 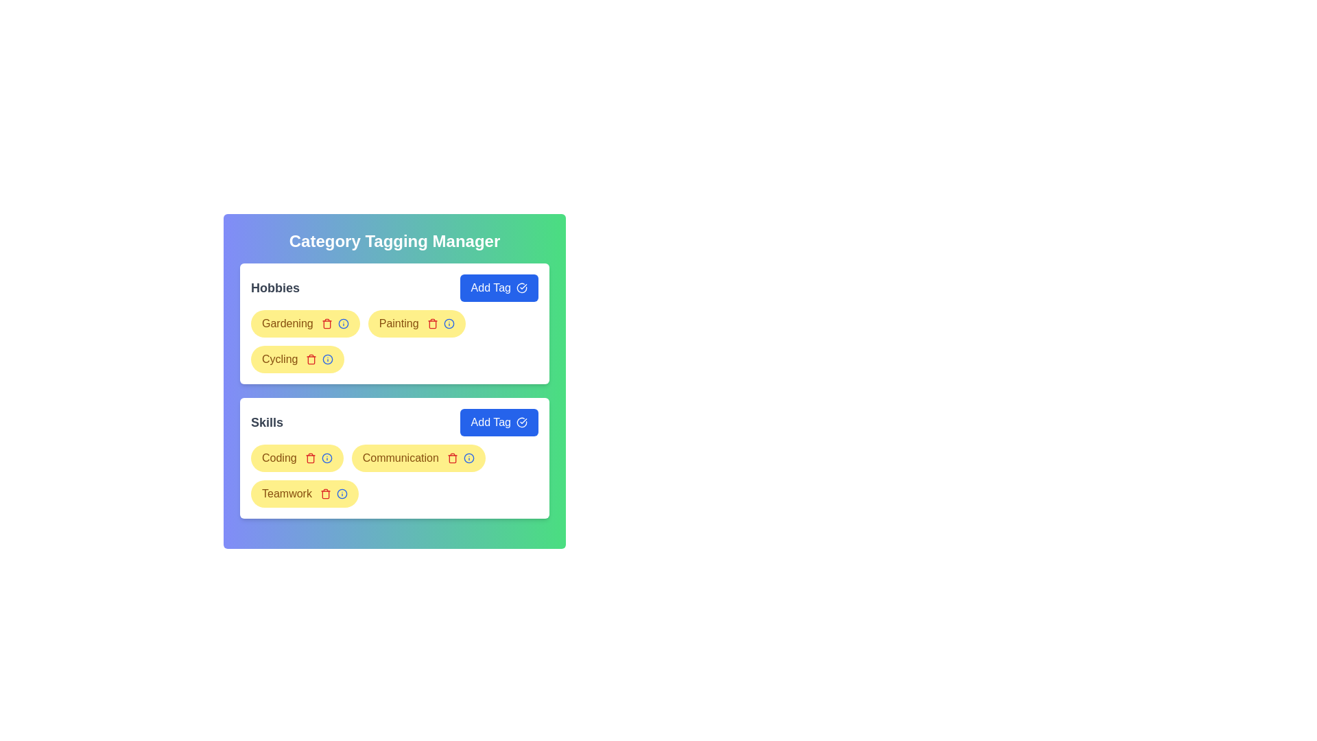 What do you see at coordinates (449, 323) in the screenshot?
I see `the circular blue-bordered icon with an 'i' symbol located to the right of the text 'Painting' in the Hobbies section to retrieve information` at bounding box center [449, 323].